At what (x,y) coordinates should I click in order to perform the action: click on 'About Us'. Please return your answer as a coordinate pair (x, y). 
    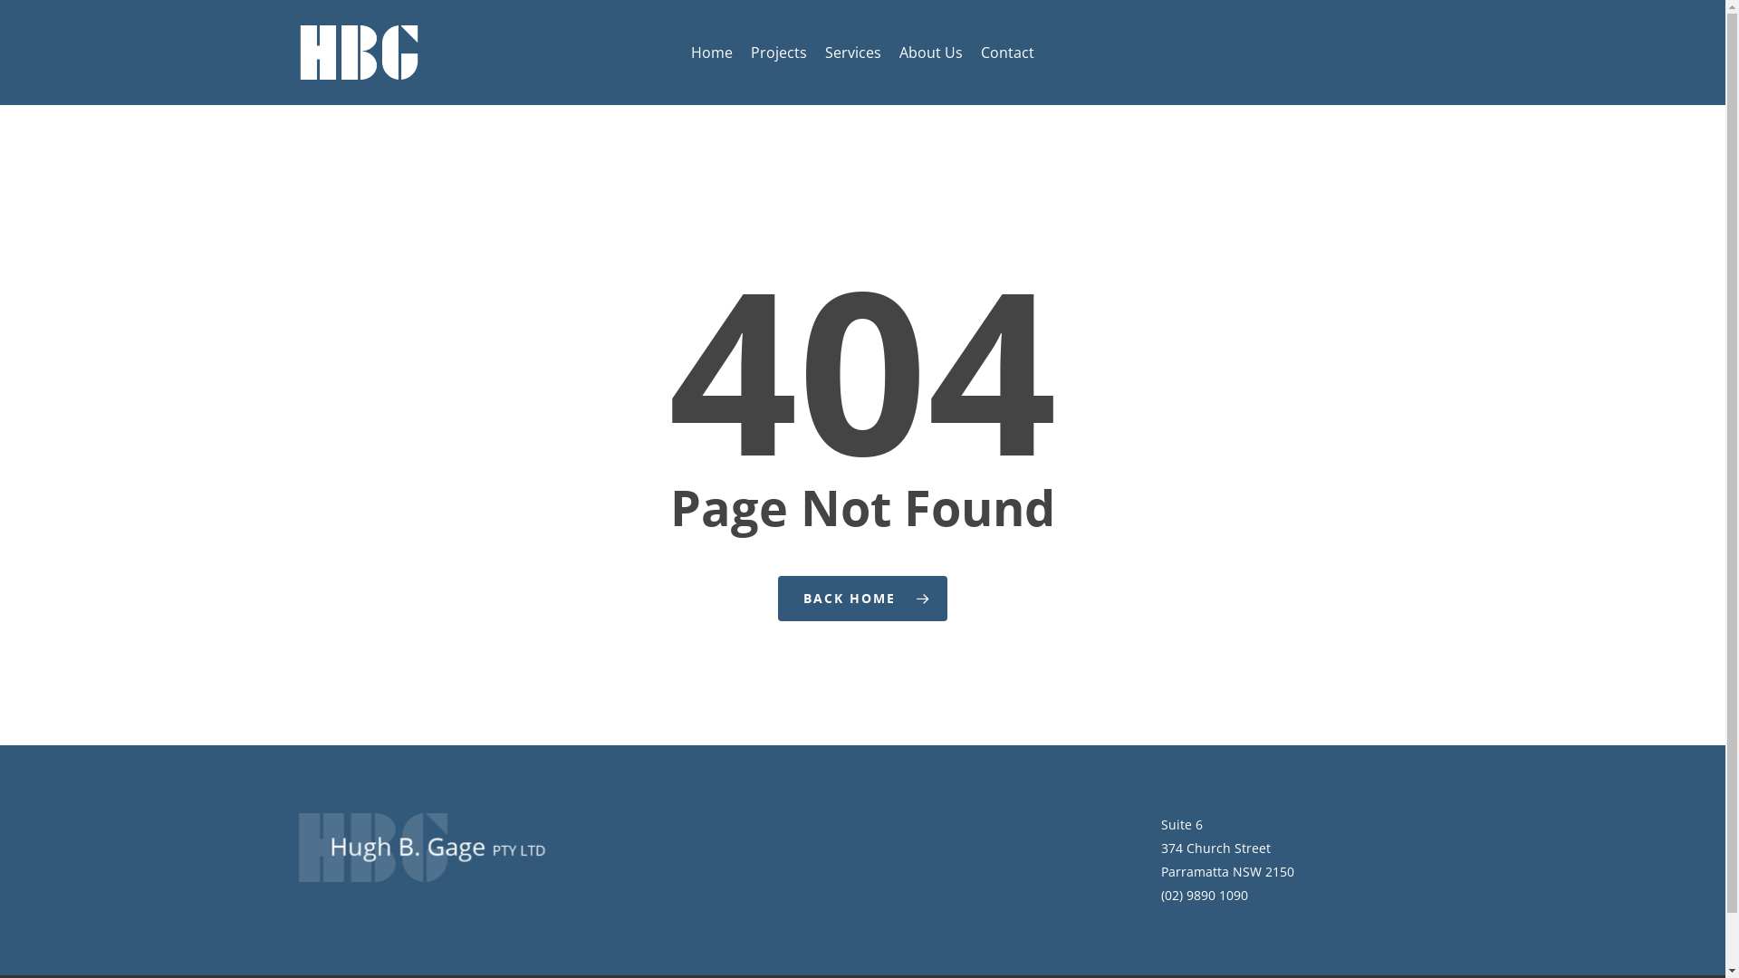
    Looking at the image, I should click on (930, 51).